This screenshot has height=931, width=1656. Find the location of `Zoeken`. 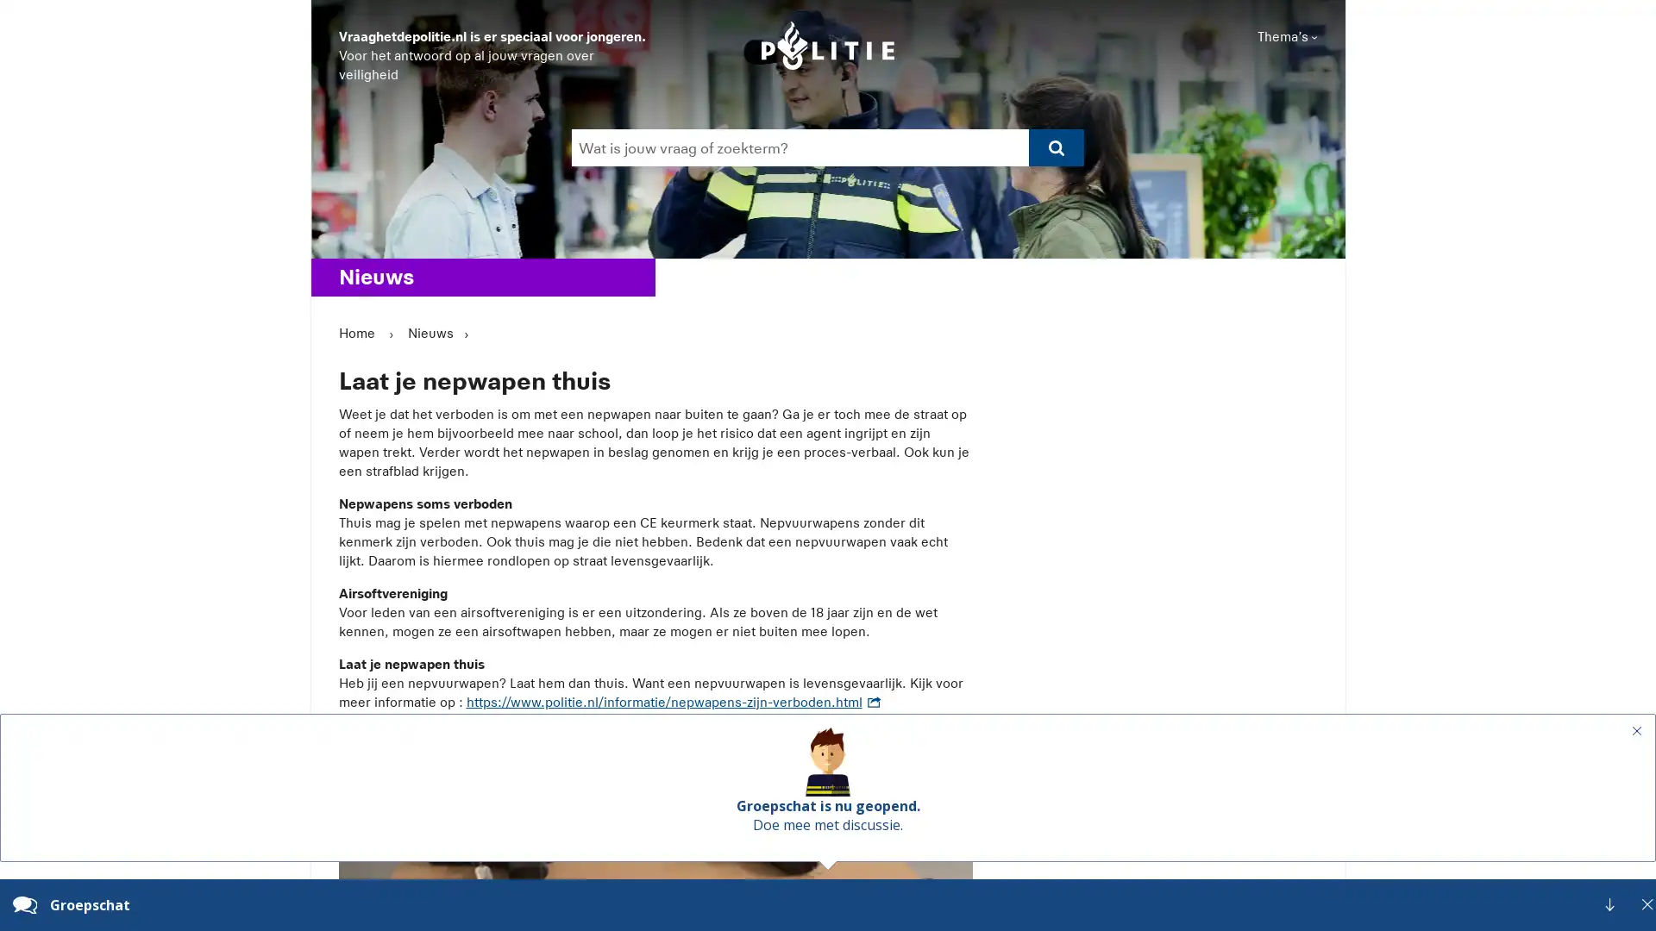

Zoeken is located at coordinates (825, 166).